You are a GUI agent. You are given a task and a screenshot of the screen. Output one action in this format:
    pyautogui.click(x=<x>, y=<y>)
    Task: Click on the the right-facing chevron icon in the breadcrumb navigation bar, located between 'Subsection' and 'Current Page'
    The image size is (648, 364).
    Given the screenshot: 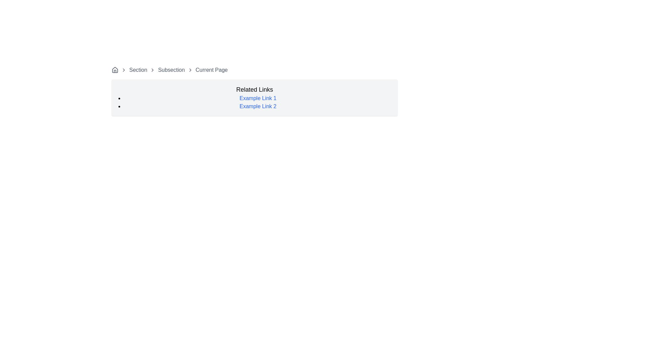 What is the action you would take?
    pyautogui.click(x=190, y=70)
    